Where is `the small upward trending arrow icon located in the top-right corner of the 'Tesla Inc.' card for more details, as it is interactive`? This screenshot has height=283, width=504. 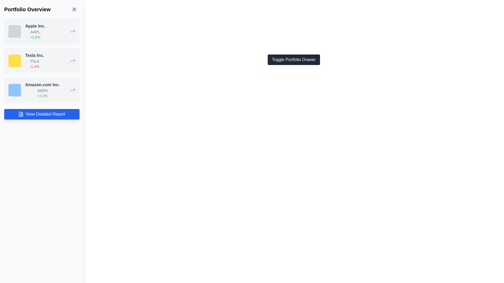
the small upward trending arrow icon located in the top-right corner of the 'Tesla Inc.' card for more details, as it is interactive is located at coordinates (72, 60).